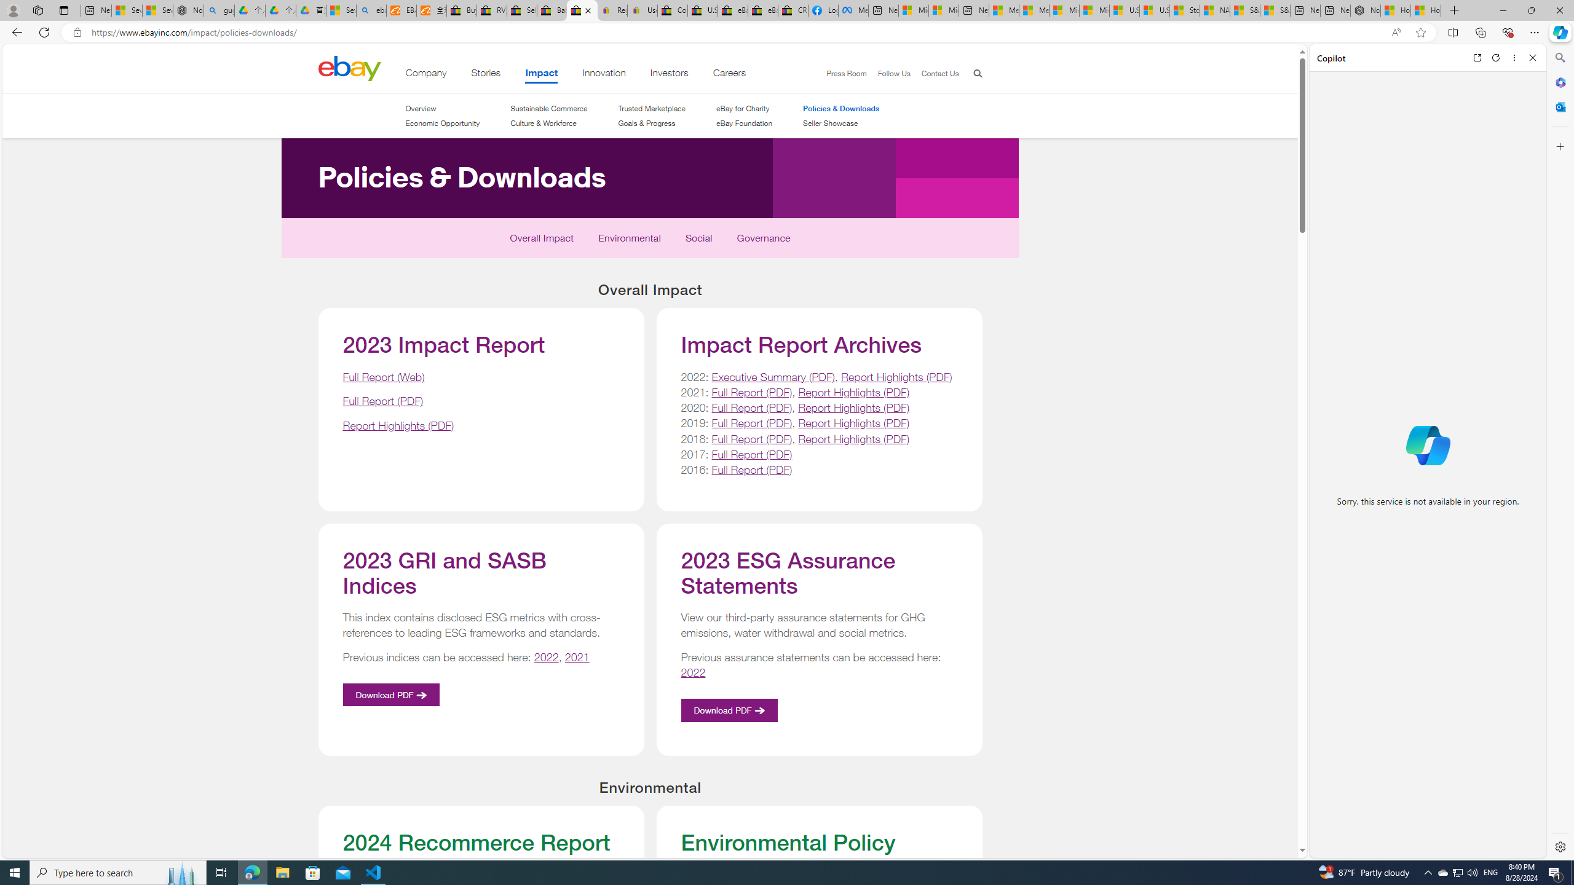  What do you see at coordinates (1559, 106) in the screenshot?
I see `'Outlook'` at bounding box center [1559, 106].